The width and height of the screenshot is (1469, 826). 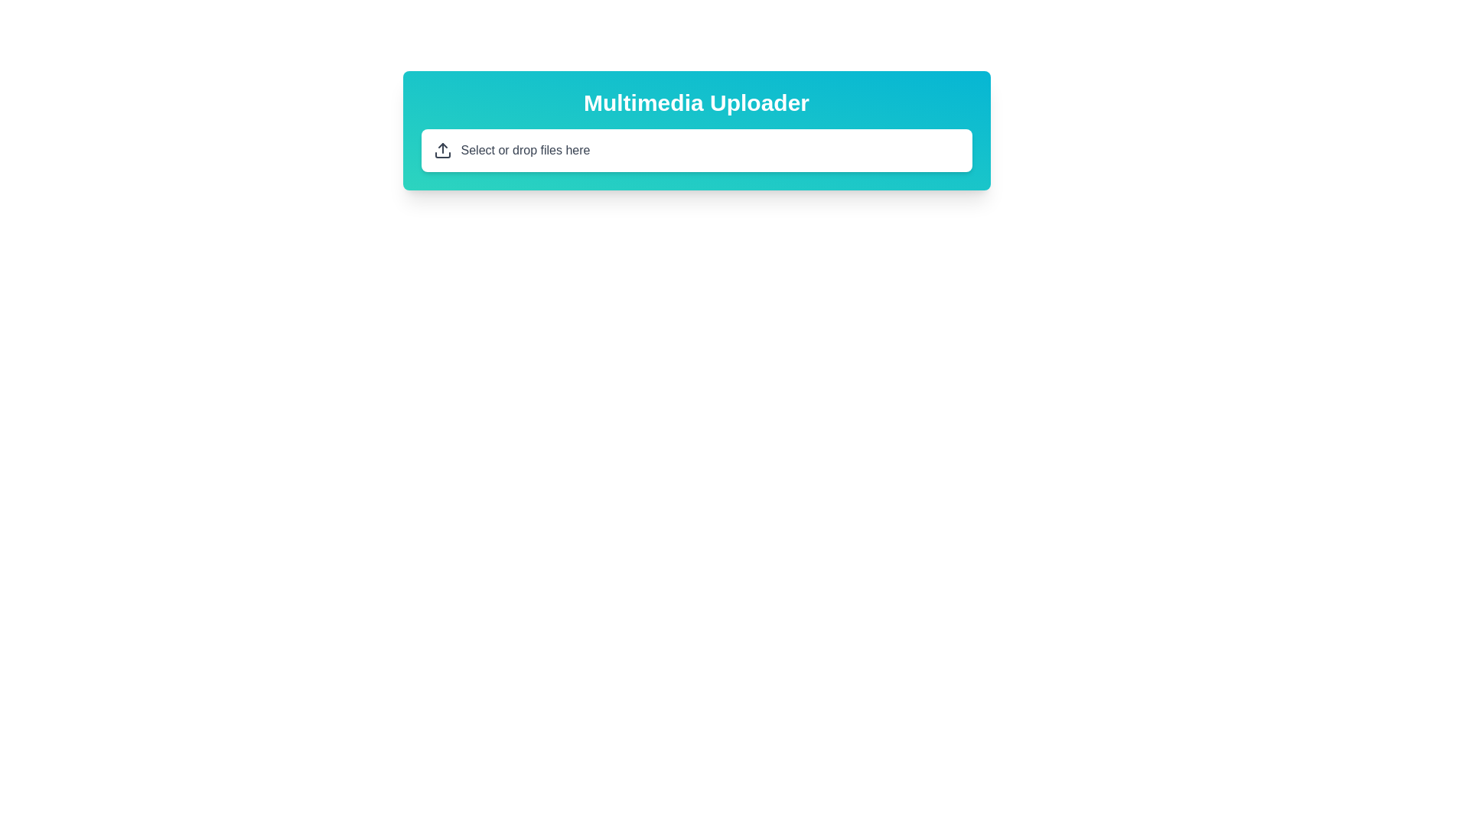 What do you see at coordinates (441, 150) in the screenshot?
I see `the upload icon, which is styled as an arrow pointing upwards into a box, located on the left side of the interactive area containing the text 'Select or drop files here.'` at bounding box center [441, 150].